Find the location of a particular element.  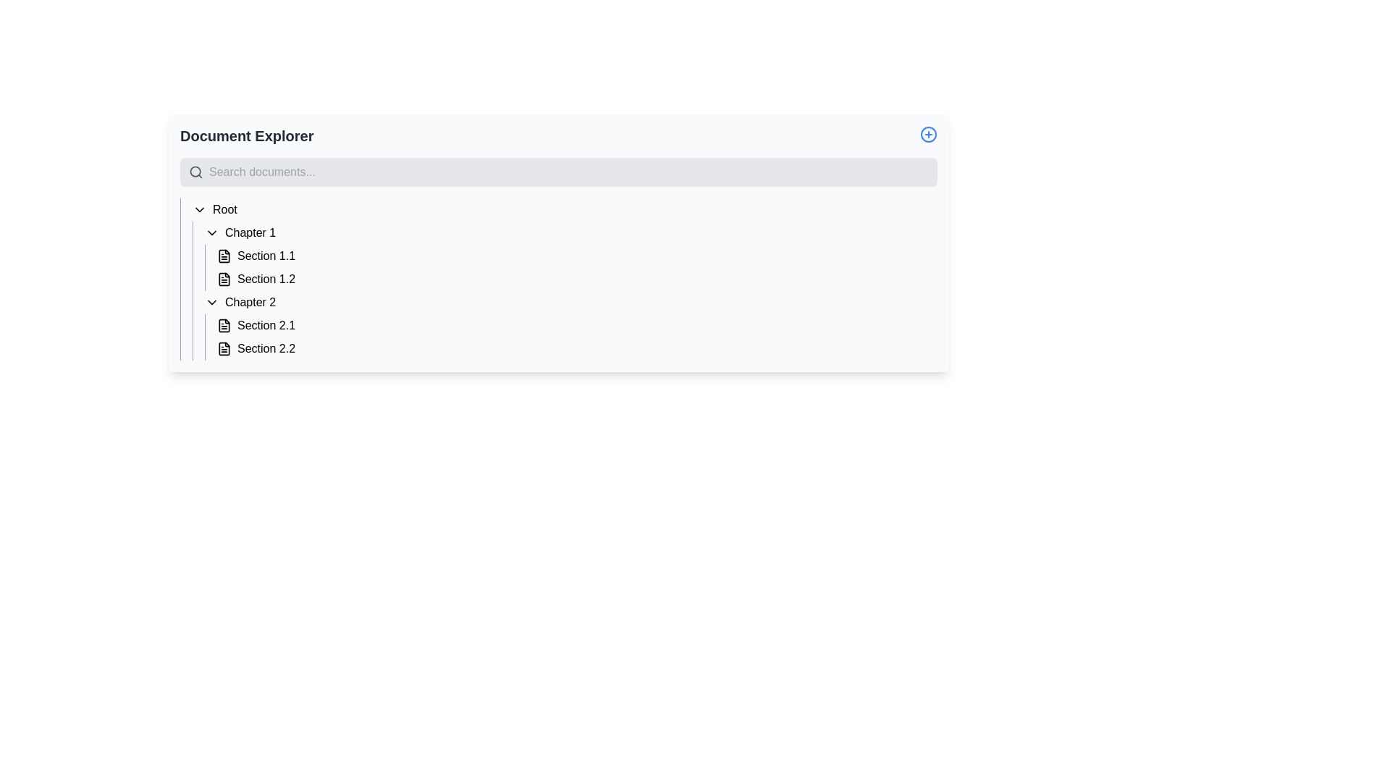

the document file icon located to the left of the text 'Section 2.2' in the Document Explorer tree view layout is located at coordinates (224, 349).